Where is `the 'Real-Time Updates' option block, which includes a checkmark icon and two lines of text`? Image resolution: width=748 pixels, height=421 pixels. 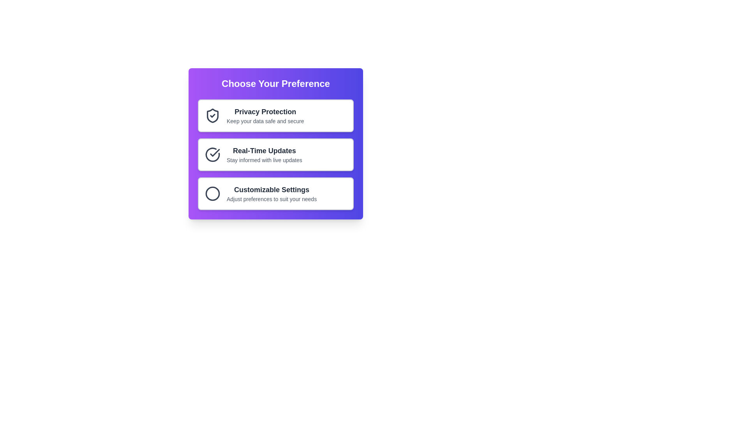 the 'Real-Time Updates' option block, which includes a checkmark icon and two lines of text is located at coordinates (253, 155).